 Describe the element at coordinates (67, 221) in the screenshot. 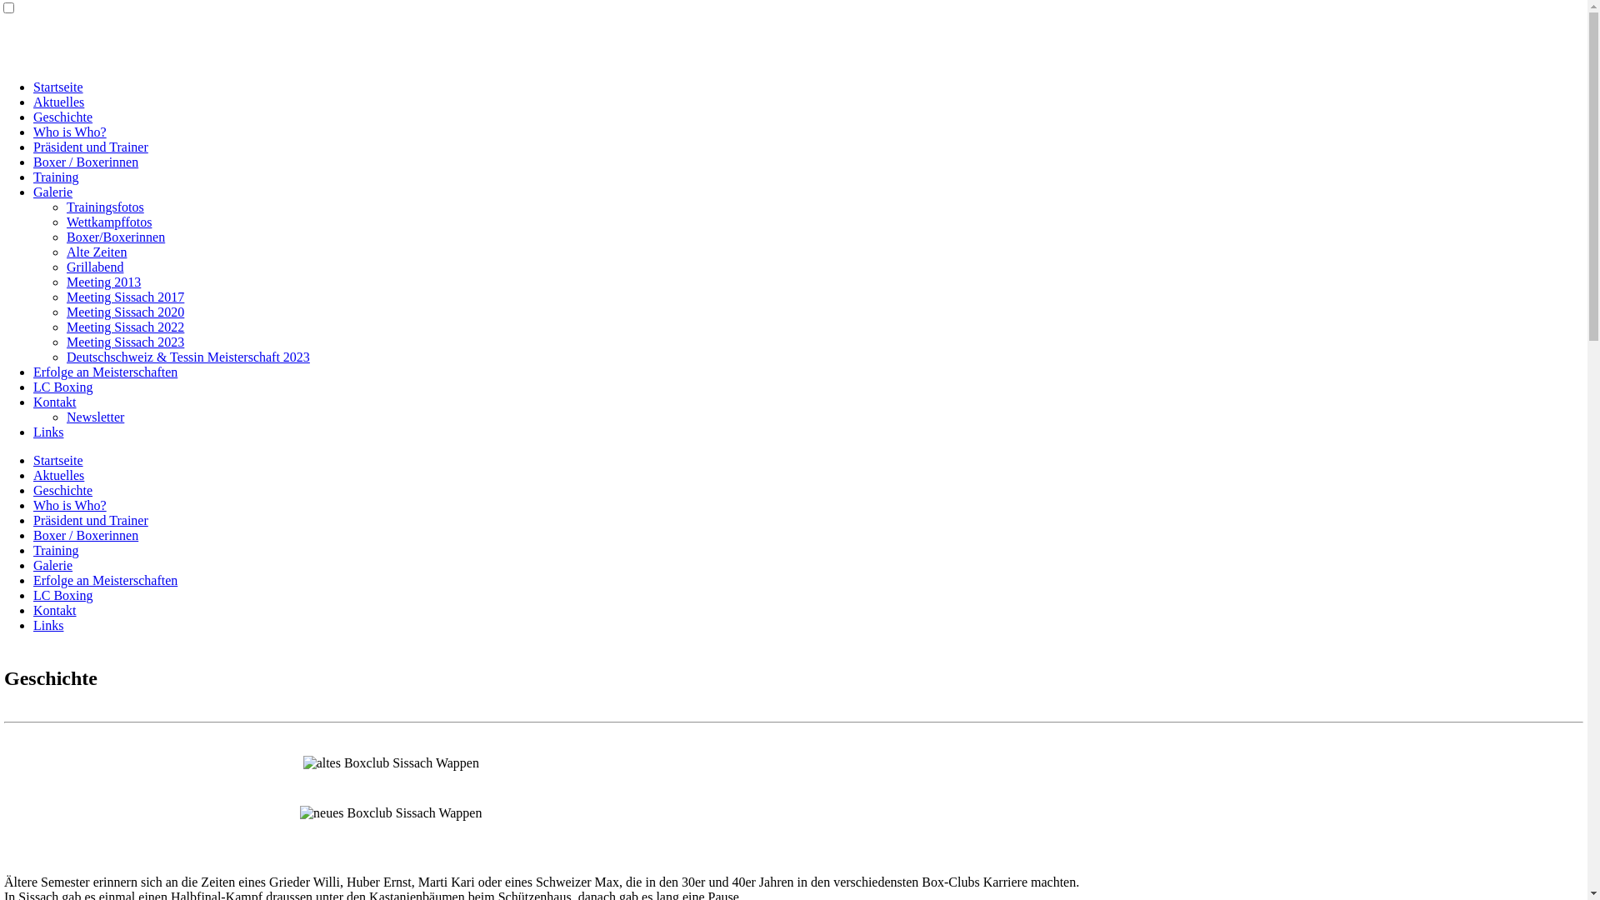

I see `'Wettkampffotos'` at that location.